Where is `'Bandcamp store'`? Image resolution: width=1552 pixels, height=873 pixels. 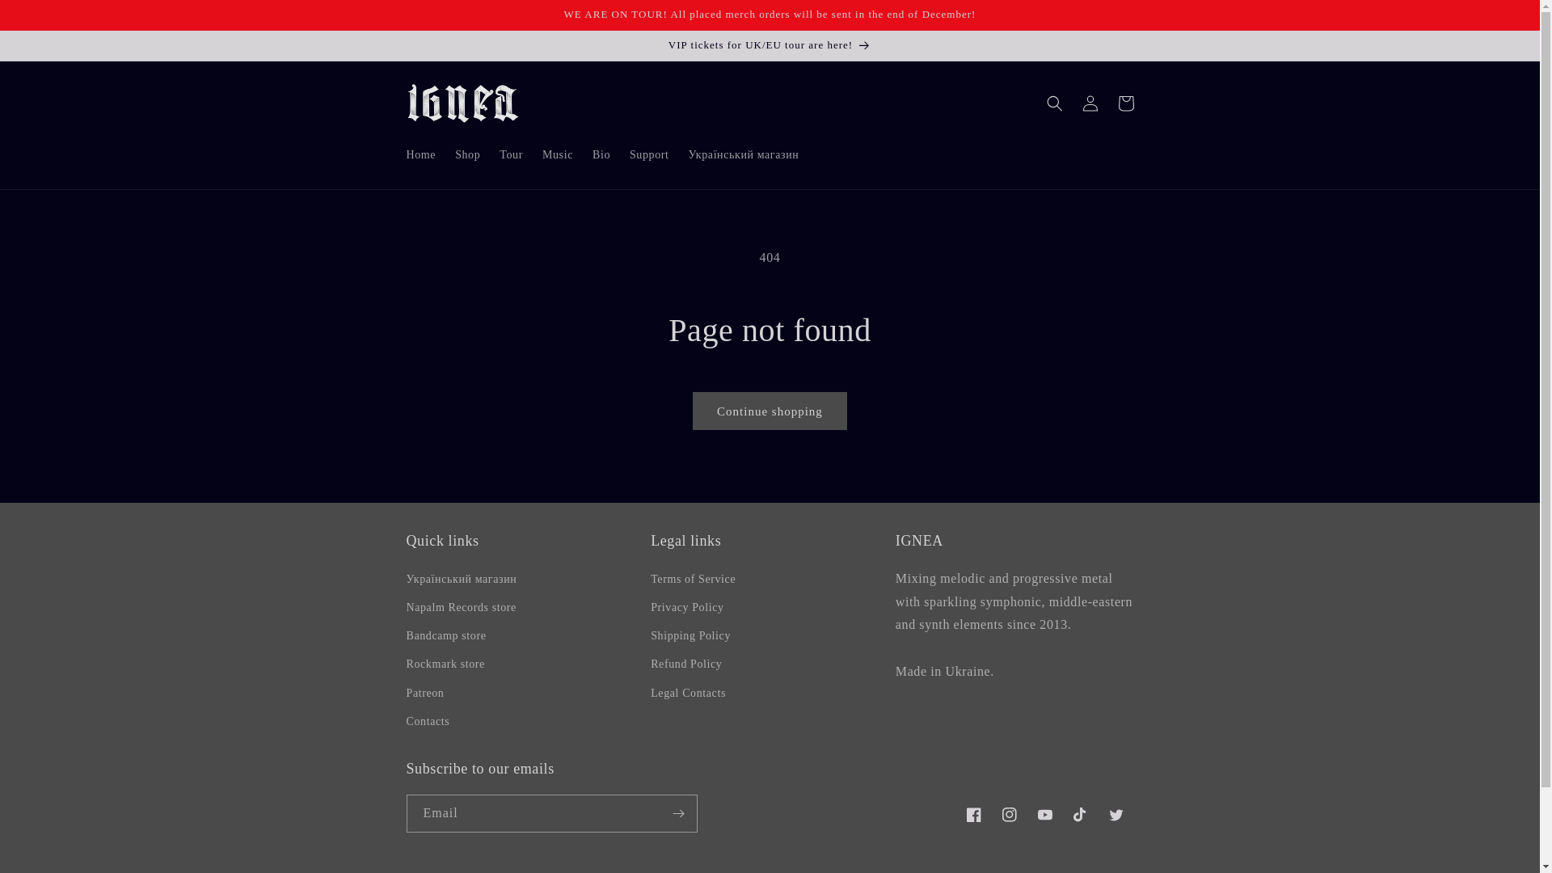
'Bandcamp store' is located at coordinates (445, 635).